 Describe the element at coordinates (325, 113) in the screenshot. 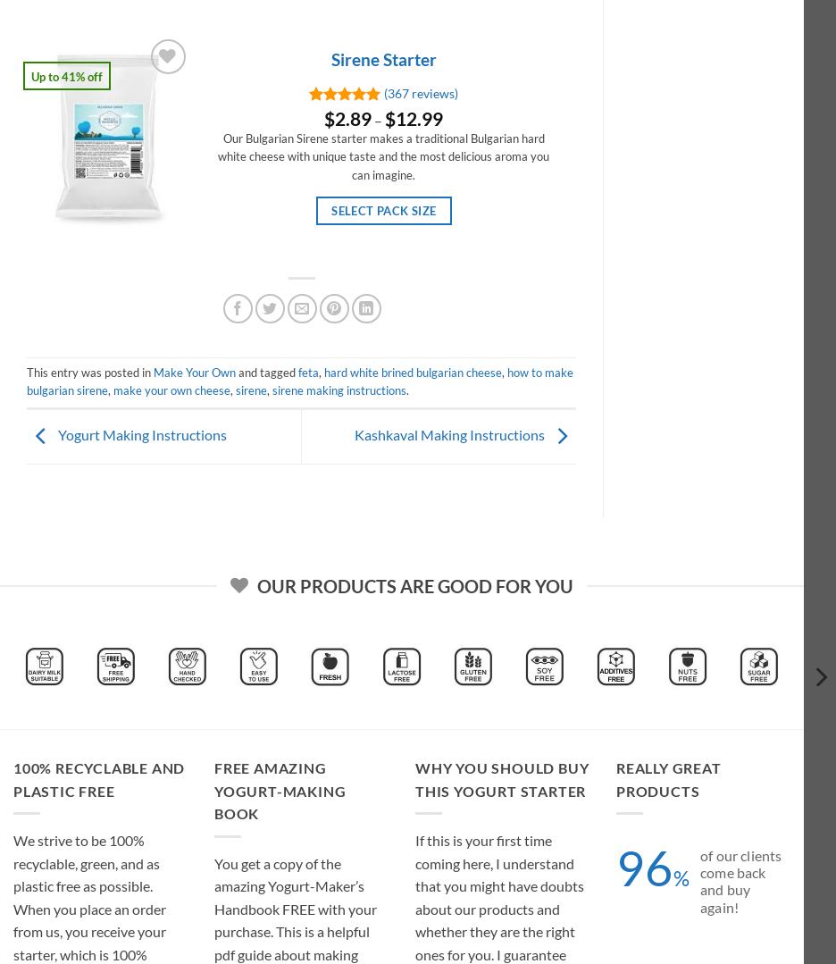

I see `'Rated'` at that location.